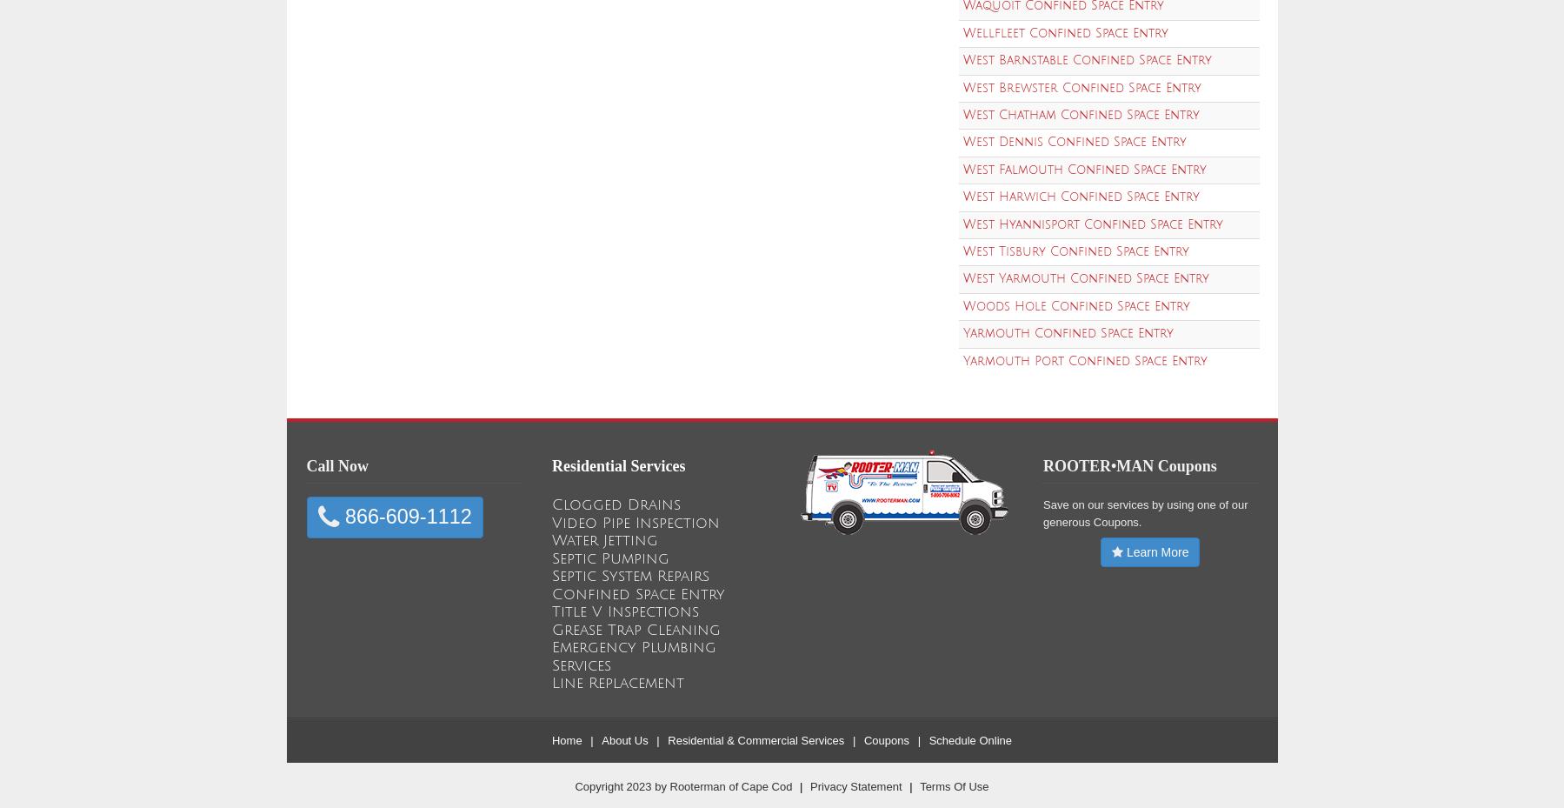 The height and width of the screenshot is (808, 1564). Describe the element at coordinates (755, 739) in the screenshot. I see `'Residential  & Commercial Services'` at that location.